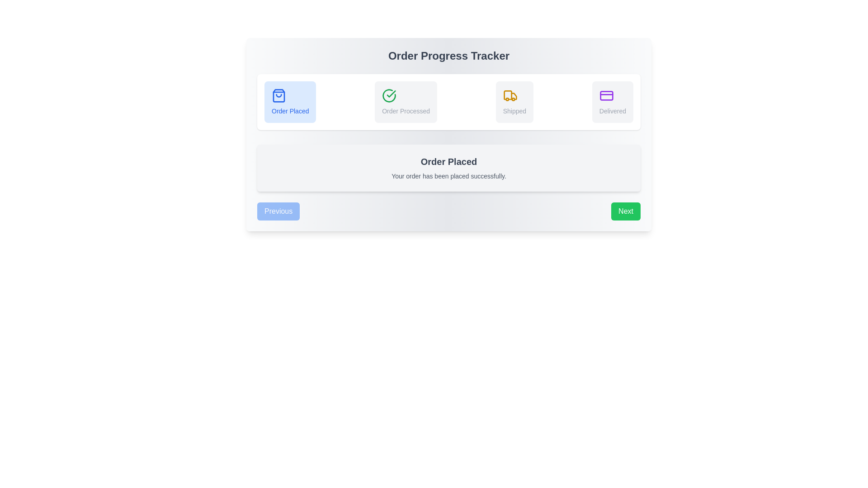 Image resolution: width=868 pixels, height=488 pixels. Describe the element at coordinates (391, 94) in the screenshot. I see `the Graphical Icon indicating 'Order Processed', which is the second step in the horizontal progress tracker row between 'Order Placed' and 'Shipped'` at that location.